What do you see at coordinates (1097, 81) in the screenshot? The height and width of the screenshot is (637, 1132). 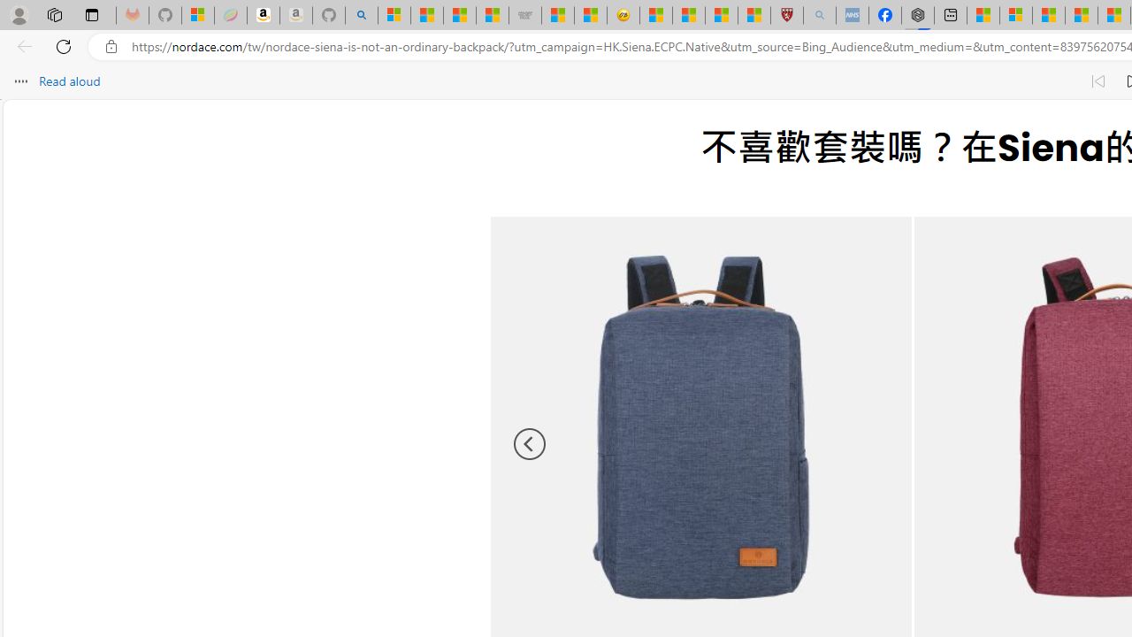 I see `'Read previous paragraph'` at bounding box center [1097, 81].